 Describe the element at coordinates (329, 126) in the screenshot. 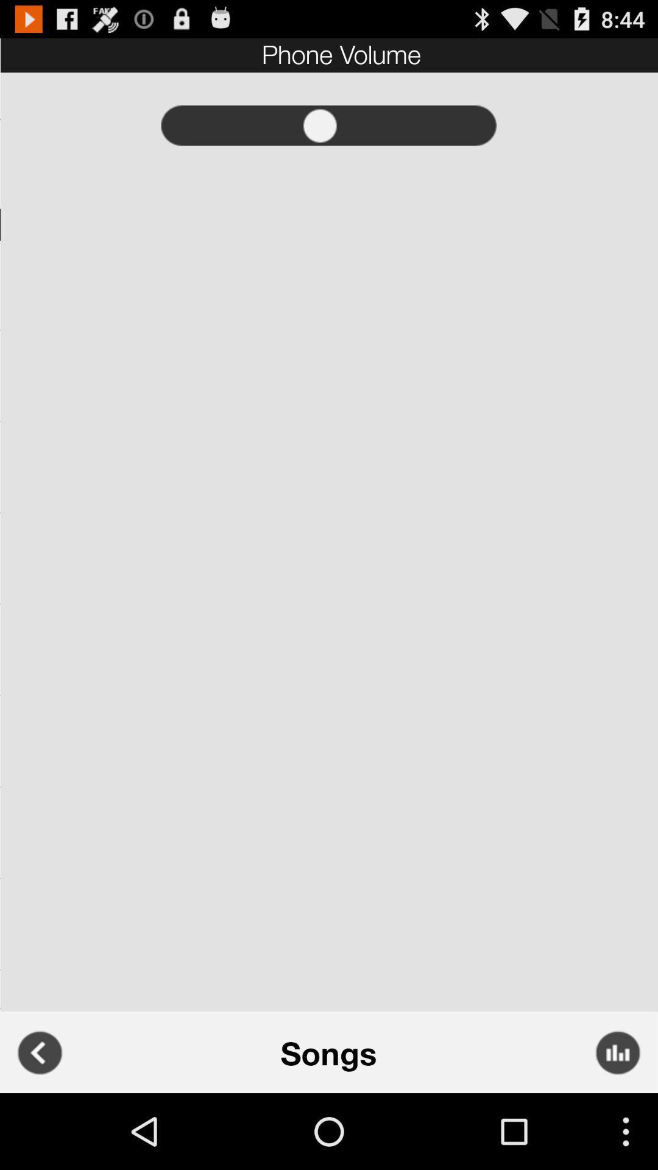

I see `record option` at that location.